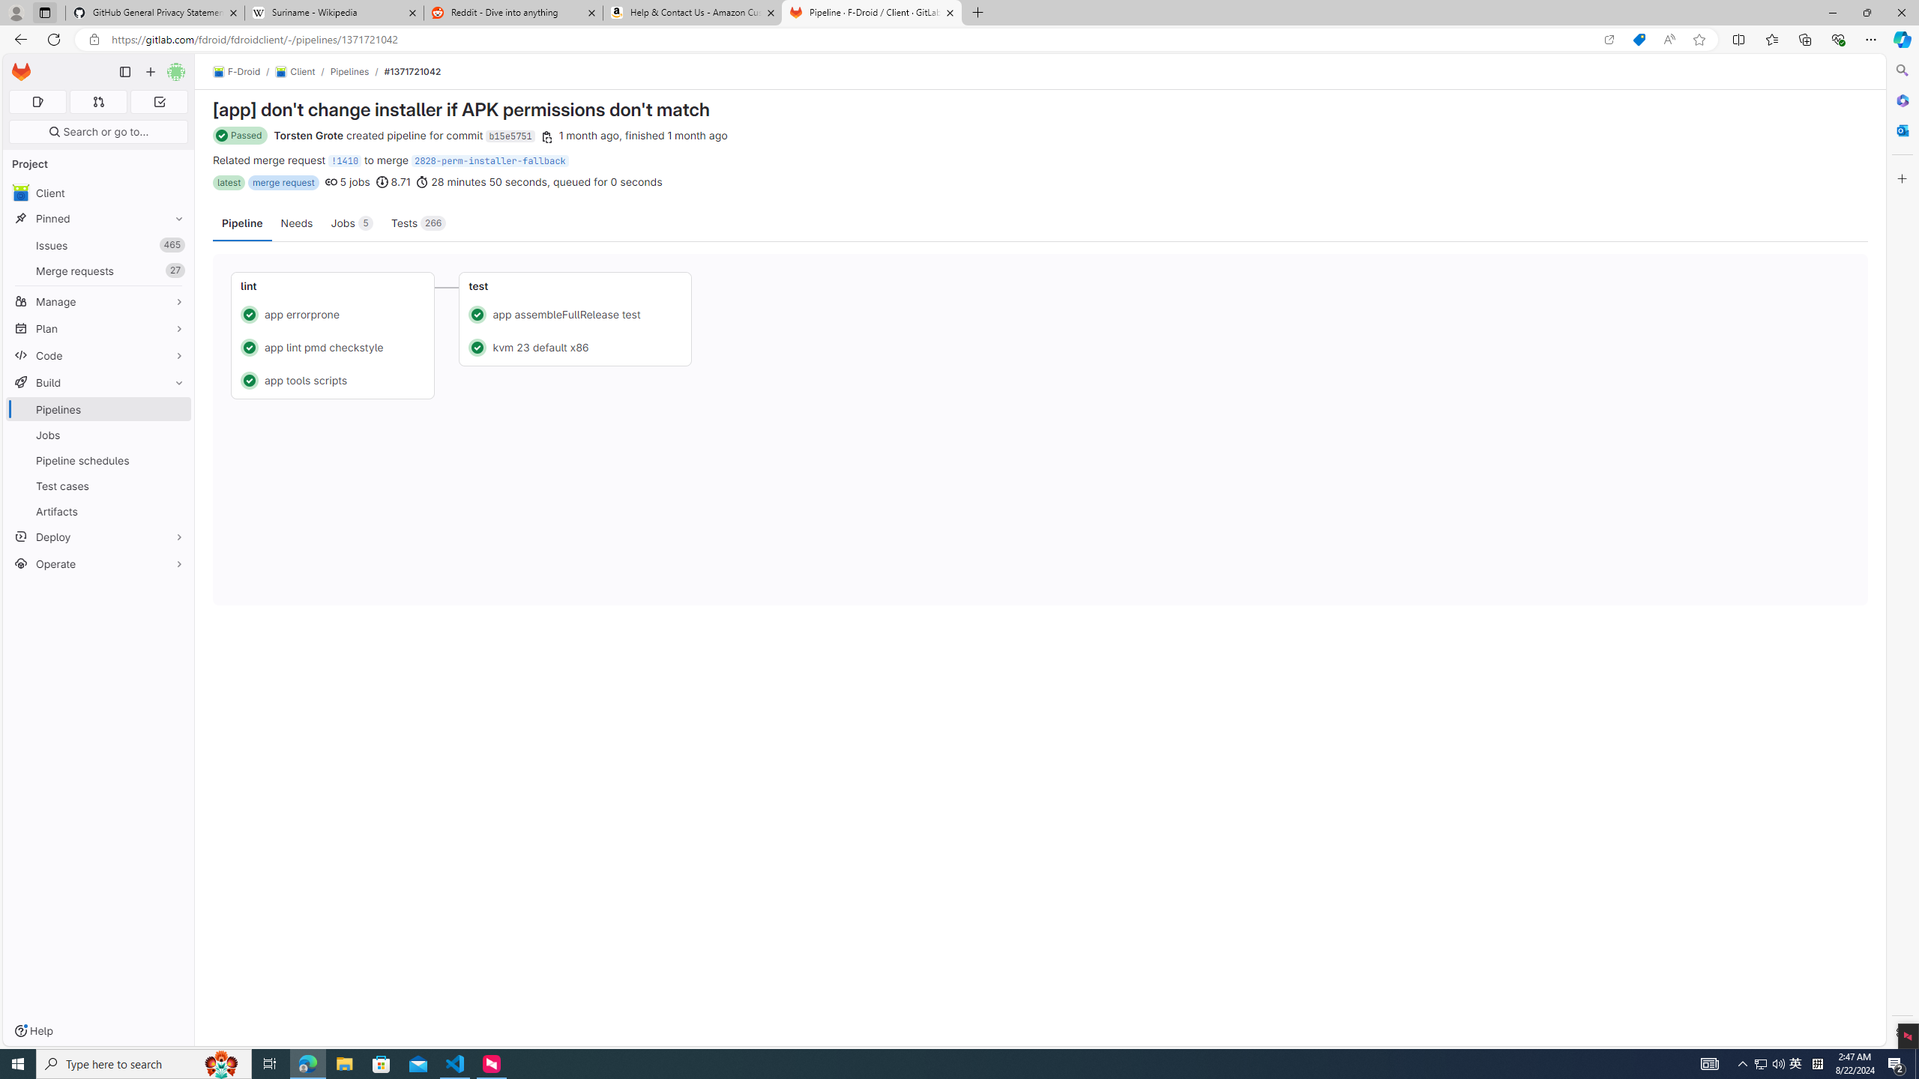 The width and height of the screenshot is (1919, 1079). I want to click on 'Pin Pipeline schedules', so click(175, 459).